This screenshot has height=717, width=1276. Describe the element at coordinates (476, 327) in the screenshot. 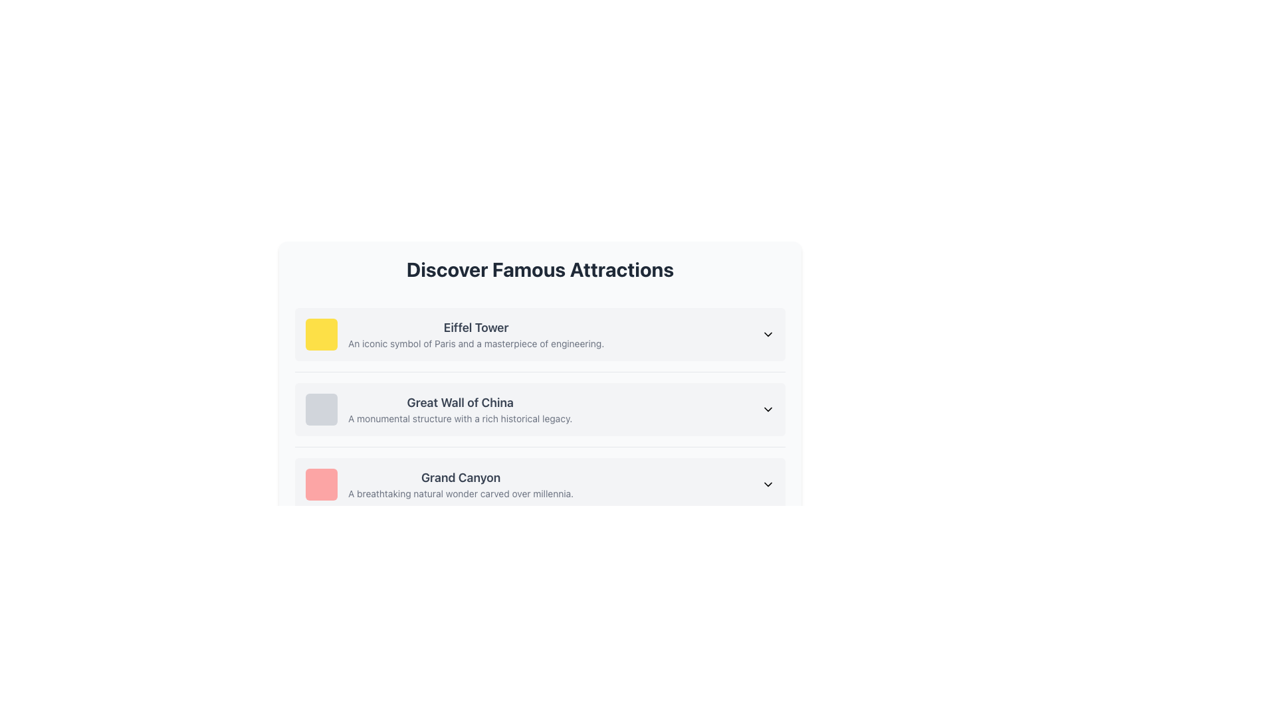

I see `text of the label indicating the name of the associated attraction, positioned above the description in the first entry of the vertical list` at that location.